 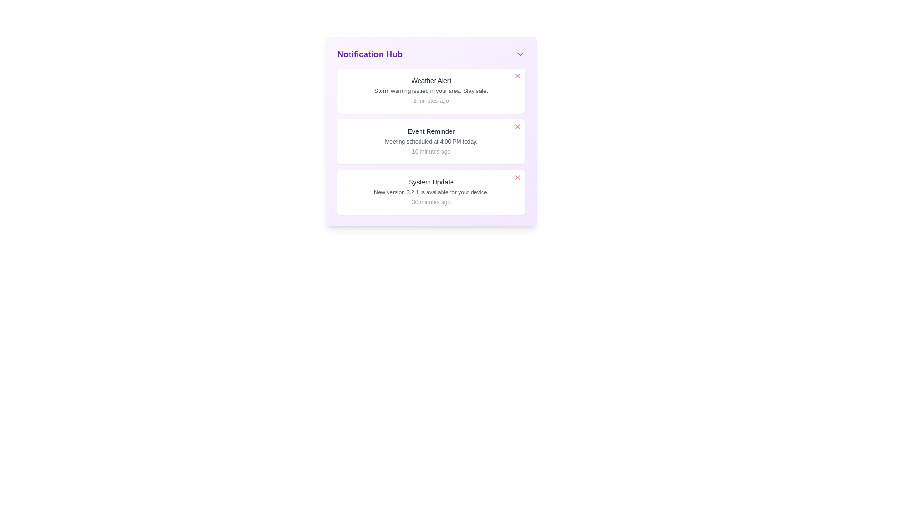 What do you see at coordinates (430, 182) in the screenshot?
I see `the static text label displaying 'System Update' located in the third card of the Notification Hub` at bounding box center [430, 182].